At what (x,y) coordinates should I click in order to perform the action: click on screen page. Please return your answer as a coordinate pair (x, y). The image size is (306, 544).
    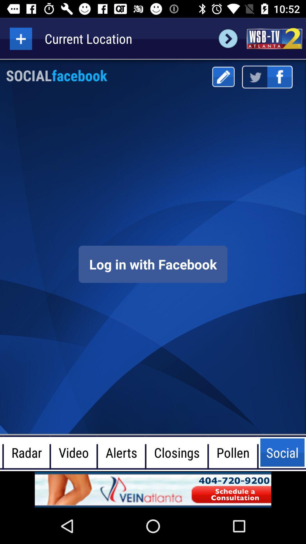
    Looking at the image, I should click on (153, 489).